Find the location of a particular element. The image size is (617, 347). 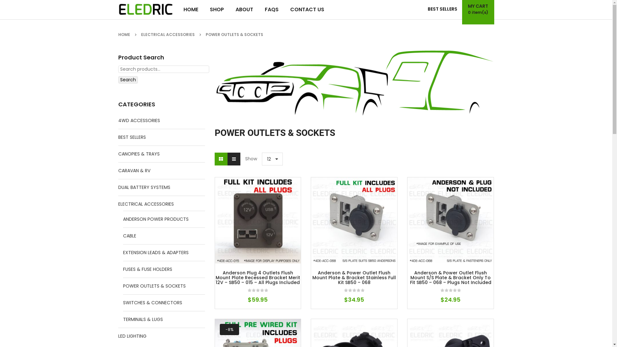

'HOME' is located at coordinates (190, 10).